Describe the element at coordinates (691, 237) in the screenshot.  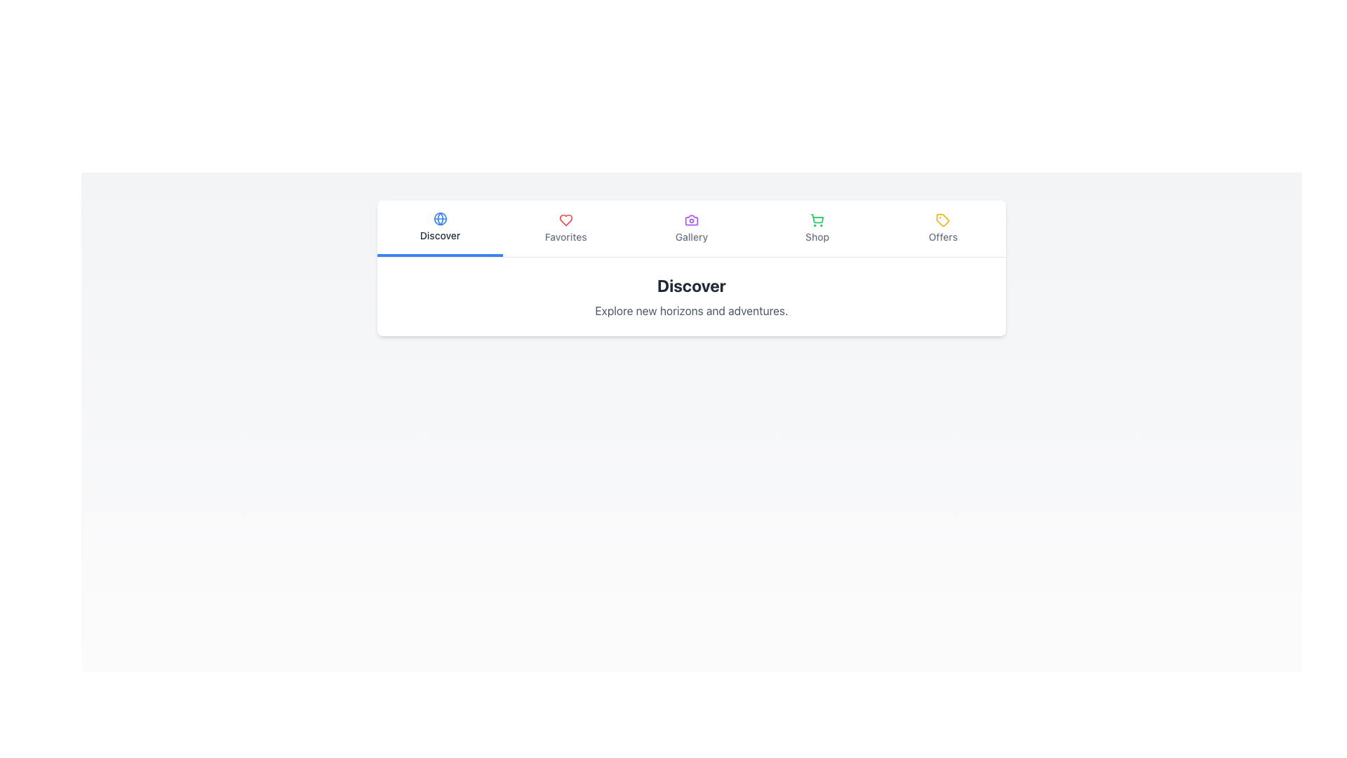
I see `the text label for the photo gallery, located as the third item in the top-center horizontal menu bar, between 'Favorites' and 'Shop', directly below the purple camera icon` at that location.